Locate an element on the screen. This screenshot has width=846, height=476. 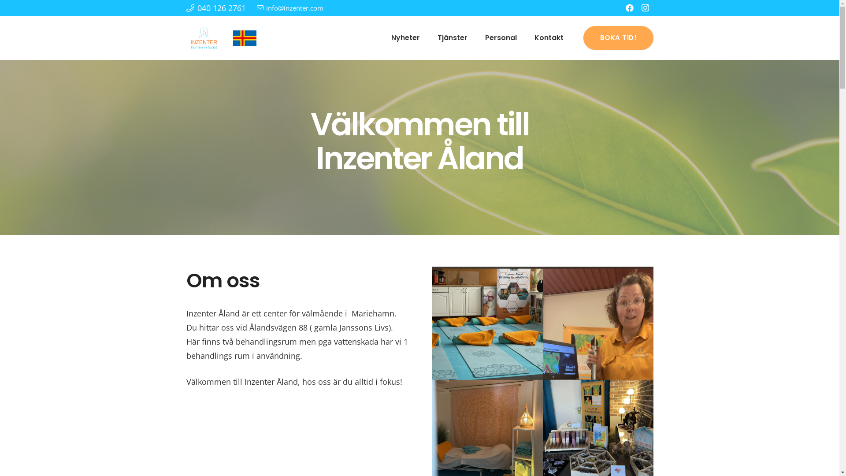
'info@inzenter.com' is located at coordinates (290, 8).